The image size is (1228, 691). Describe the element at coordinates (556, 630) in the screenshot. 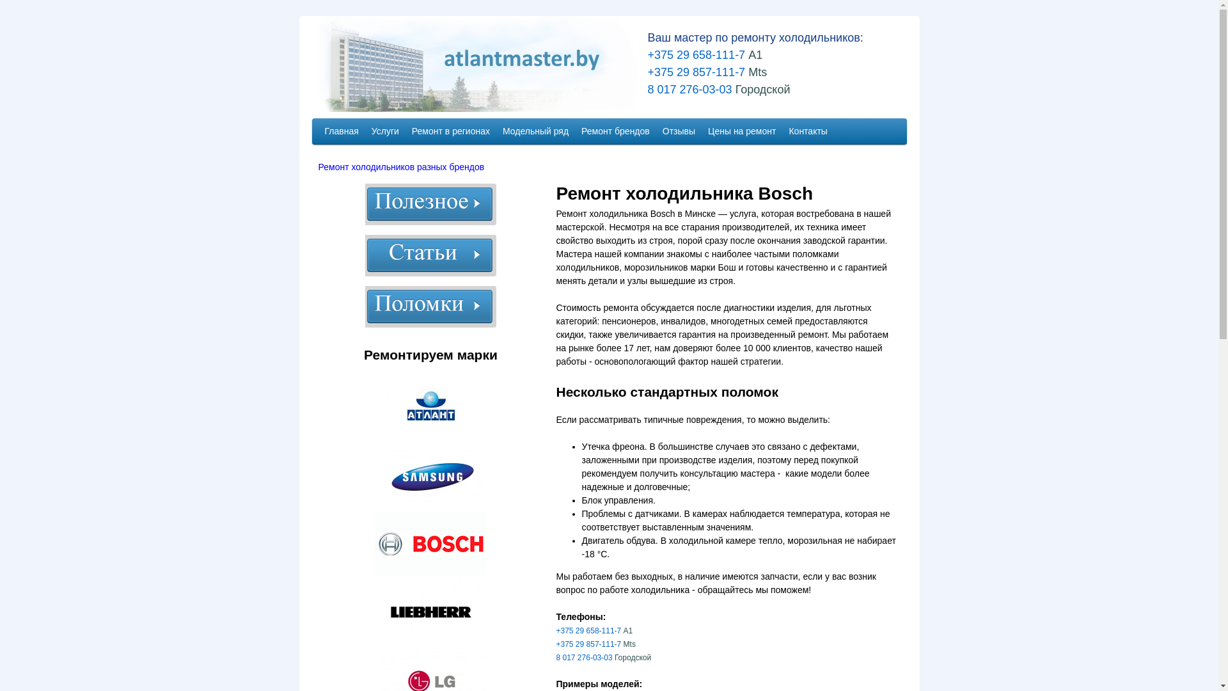

I see `'+375 29 658-111-7'` at that location.